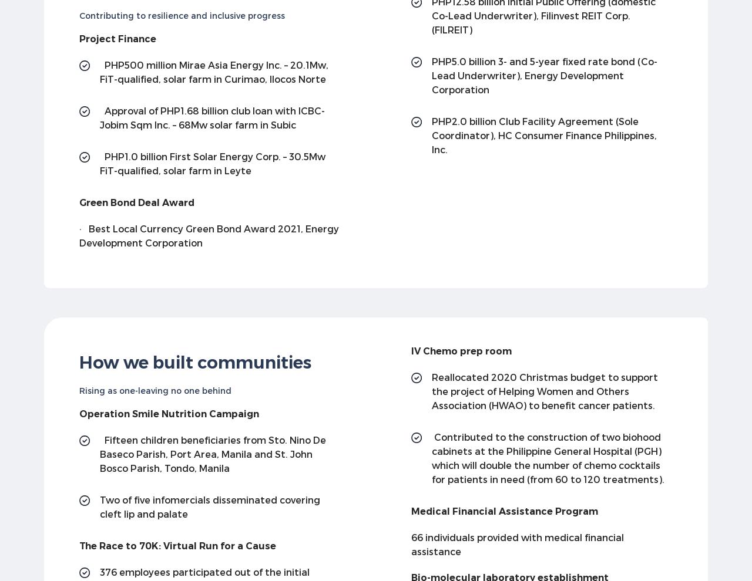  Describe the element at coordinates (212, 163) in the screenshot. I see `'PHP1.0 billion First Solar Energy Corp. – 30.5Mw FiT-qualified, solar farm in Leyte'` at that location.